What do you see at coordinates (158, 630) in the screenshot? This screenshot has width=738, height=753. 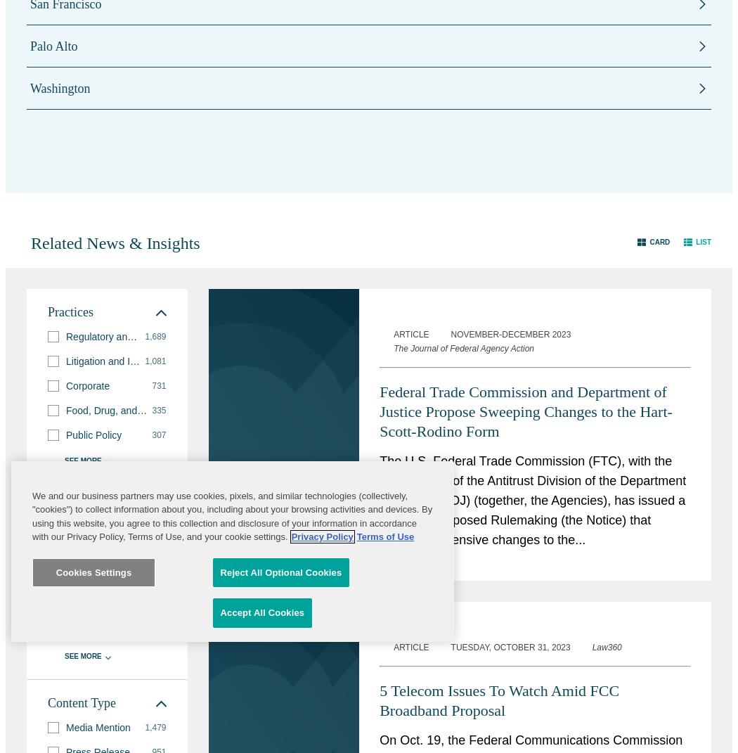 I see `'111'` at bounding box center [158, 630].